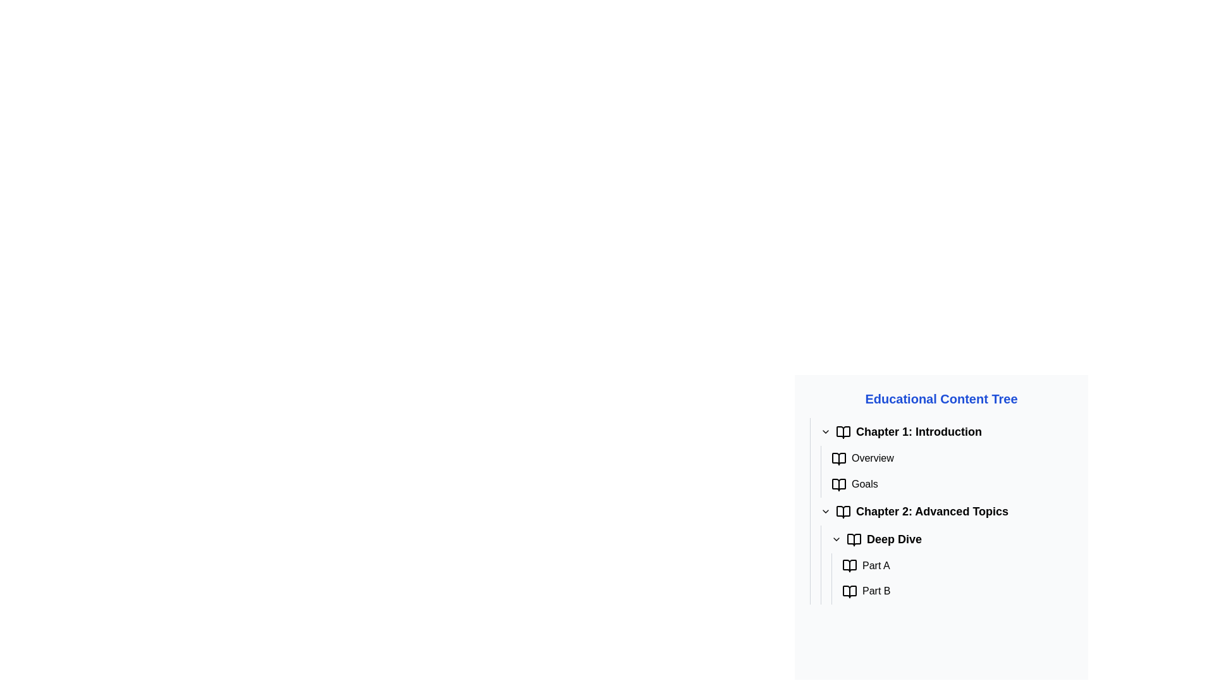  I want to click on the open book icon located to the left of the text 'Part B' in the 'Deep Dive' subsection under 'Chapter 2: Advanced Topics' within the 'Educational Content Tree' section, so click(850, 592).